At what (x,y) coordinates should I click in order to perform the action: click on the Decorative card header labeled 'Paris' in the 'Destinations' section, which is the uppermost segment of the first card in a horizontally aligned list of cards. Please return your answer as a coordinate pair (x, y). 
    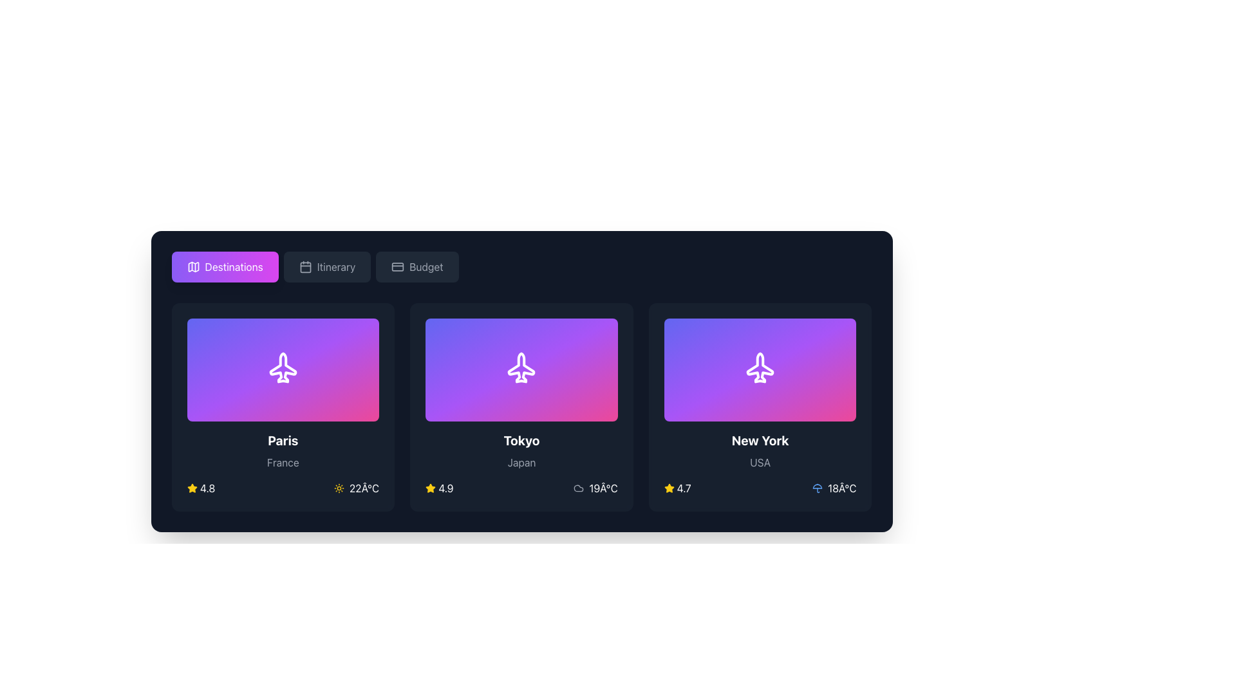
    Looking at the image, I should click on (282, 369).